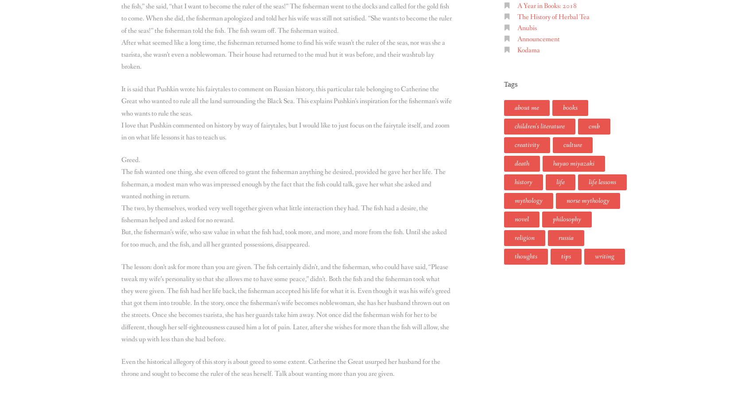  What do you see at coordinates (283, 183) in the screenshot?
I see `'The fish wanted one thing, she even offered to grant the fisherman anything he desired, provided he gave her her life. The fisherman, a modest man who was impressed enough by the fact that the fish could talk, gave her what she asked and wanted nothing in return.'` at bounding box center [283, 183].